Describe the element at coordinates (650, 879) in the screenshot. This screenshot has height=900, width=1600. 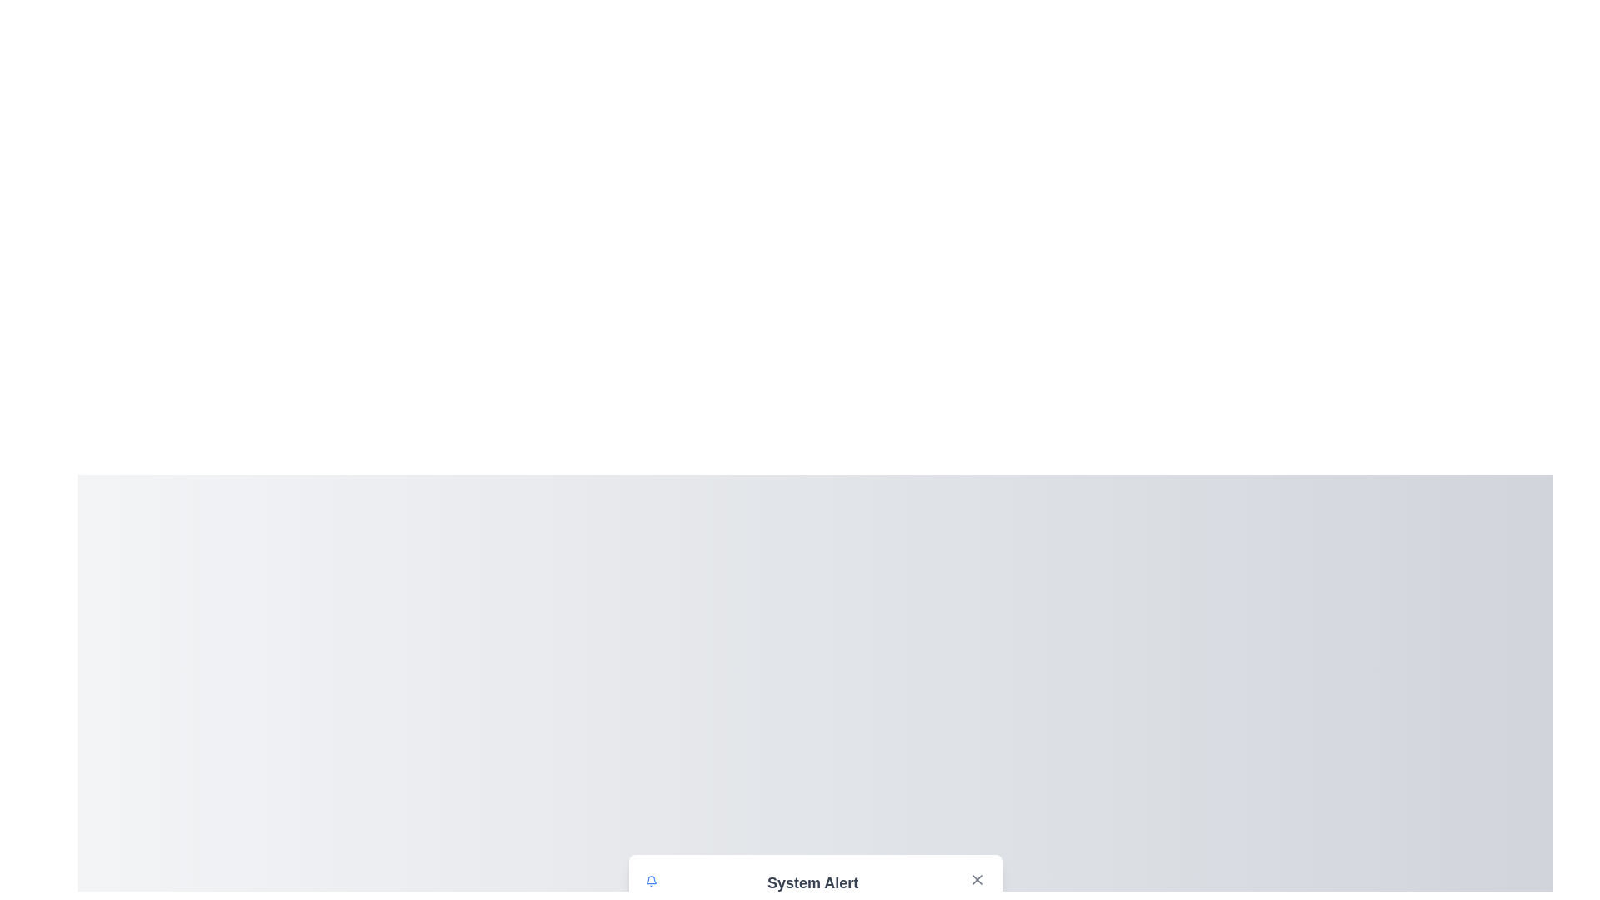
I see `the bell-shaped icon element located at the left-hand side of the bottom-center area of the interface, adjacent to the text 'System Alert'` at that location.